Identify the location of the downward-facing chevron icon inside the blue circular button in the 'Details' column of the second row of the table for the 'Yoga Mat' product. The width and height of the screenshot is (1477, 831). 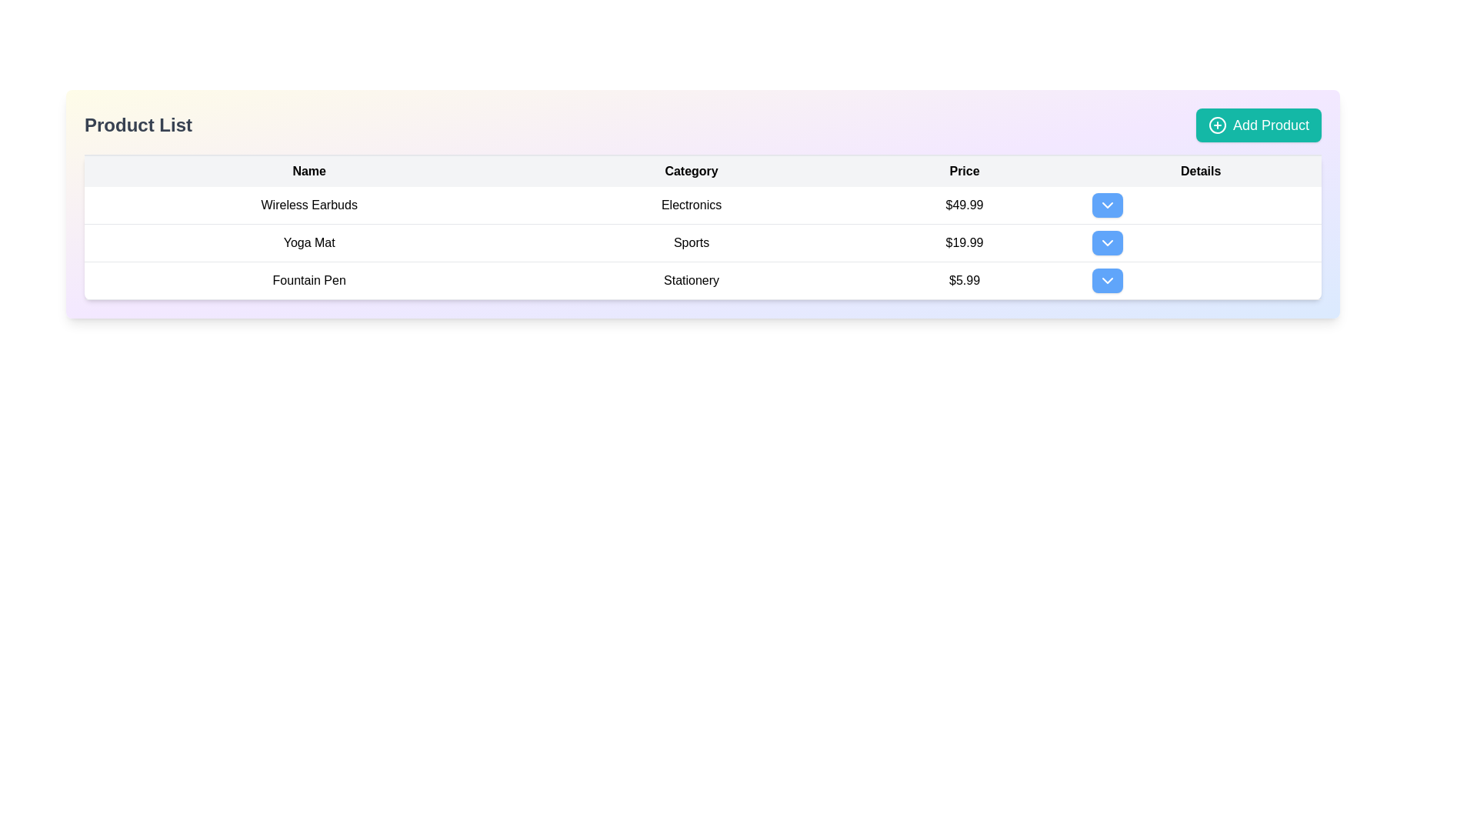
(1108, 242).